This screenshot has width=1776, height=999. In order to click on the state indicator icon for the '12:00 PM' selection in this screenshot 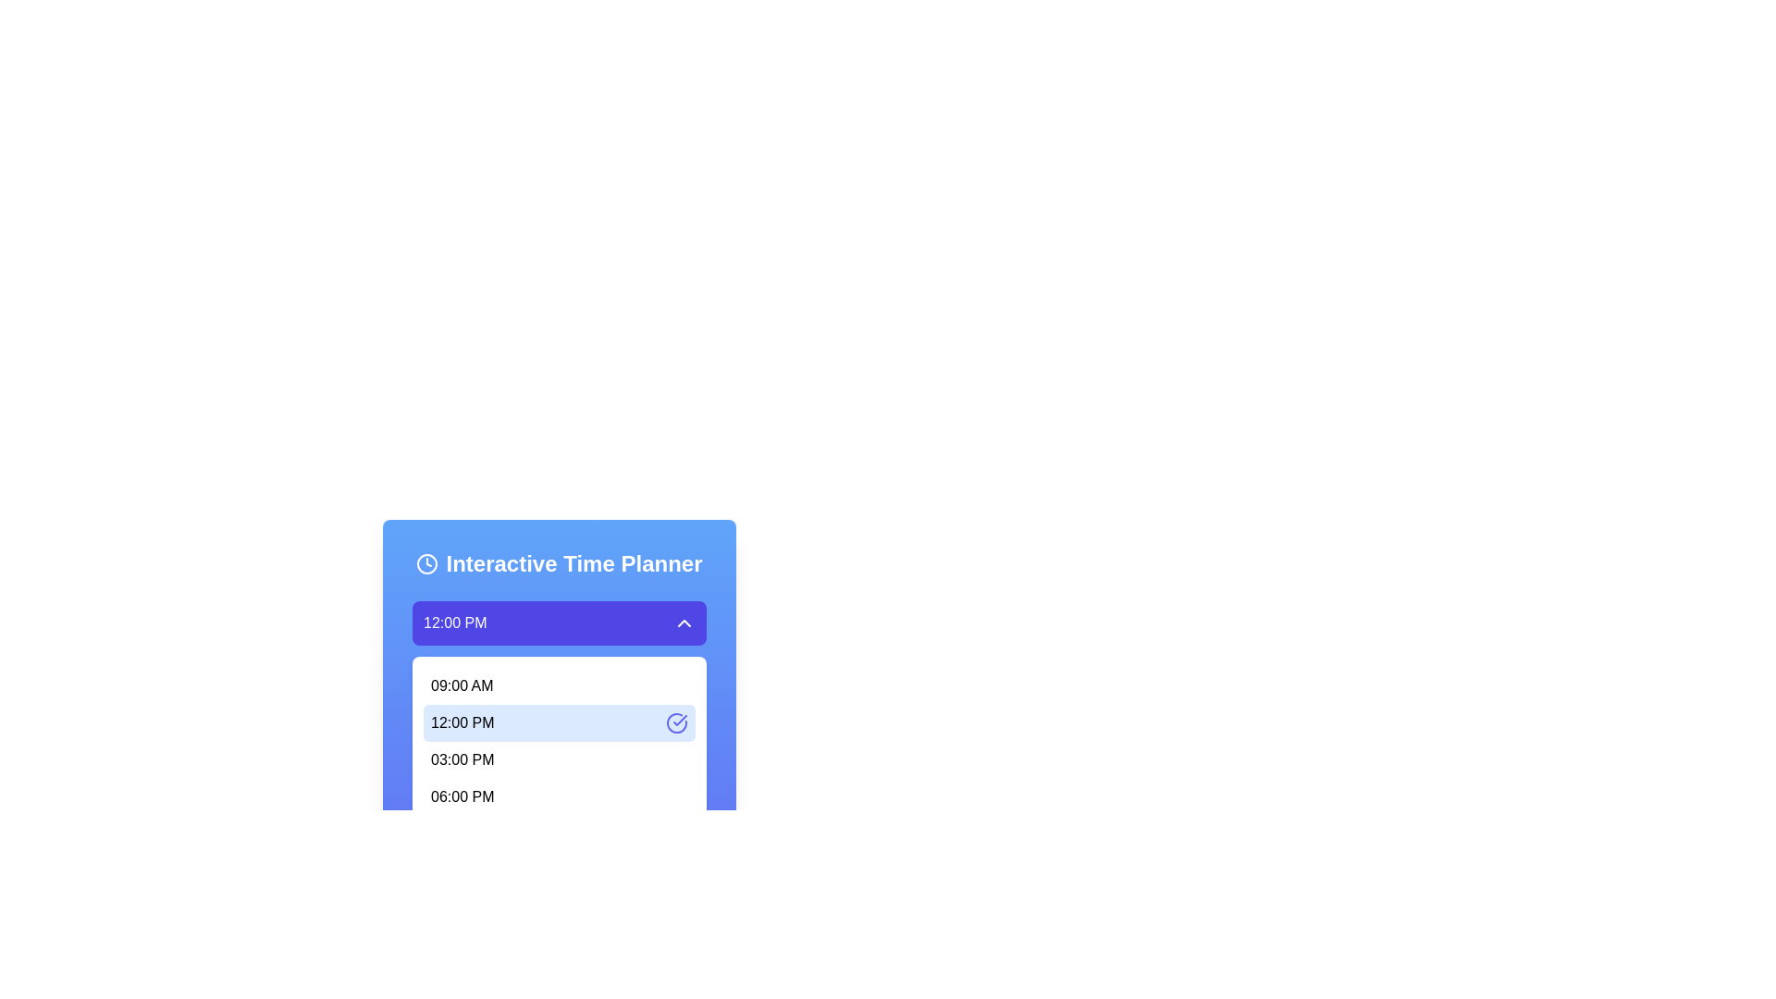, I will do `click(675, 722)`.